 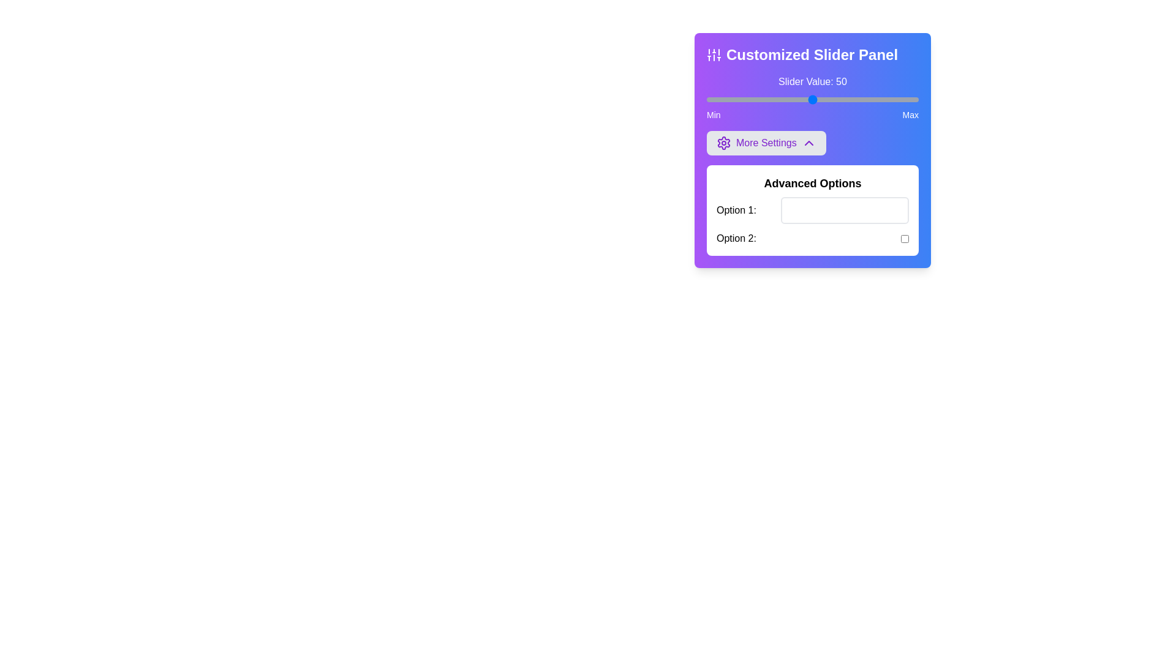 I want to click on the icon at the rightmost end of the 'More Settings' button, so click(x=809, y=143).